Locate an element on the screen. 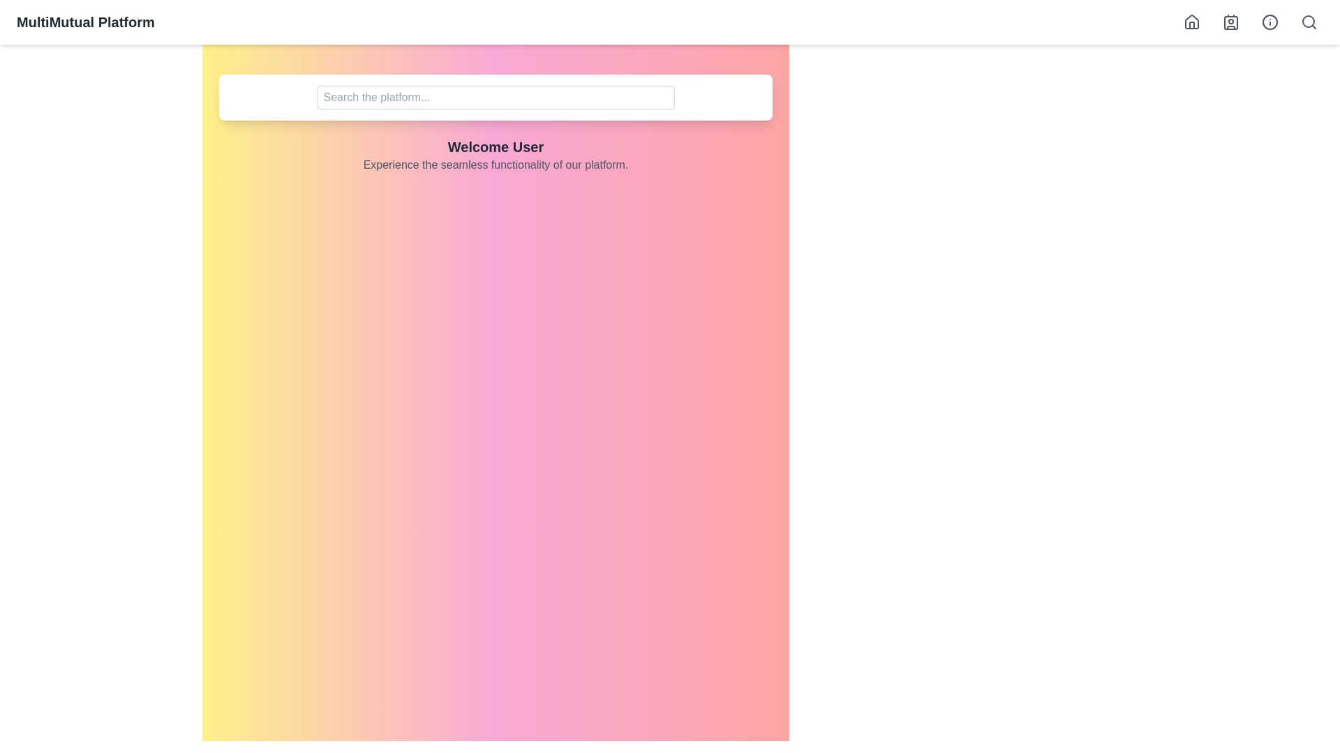  the search button to toggle the search input visibility is located at coordinates (1309, 22).